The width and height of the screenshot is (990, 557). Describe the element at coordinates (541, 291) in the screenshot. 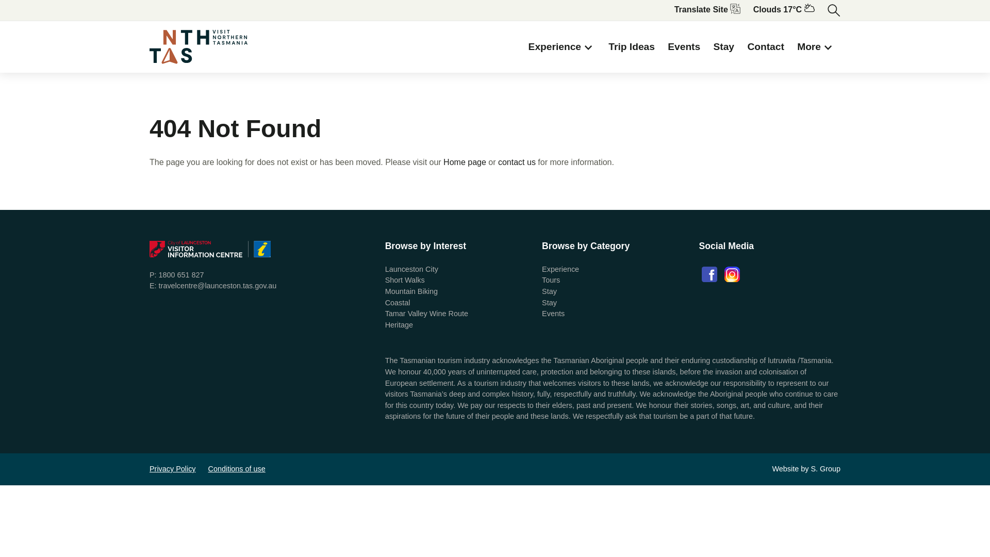

I see `'Stay'` at that location.